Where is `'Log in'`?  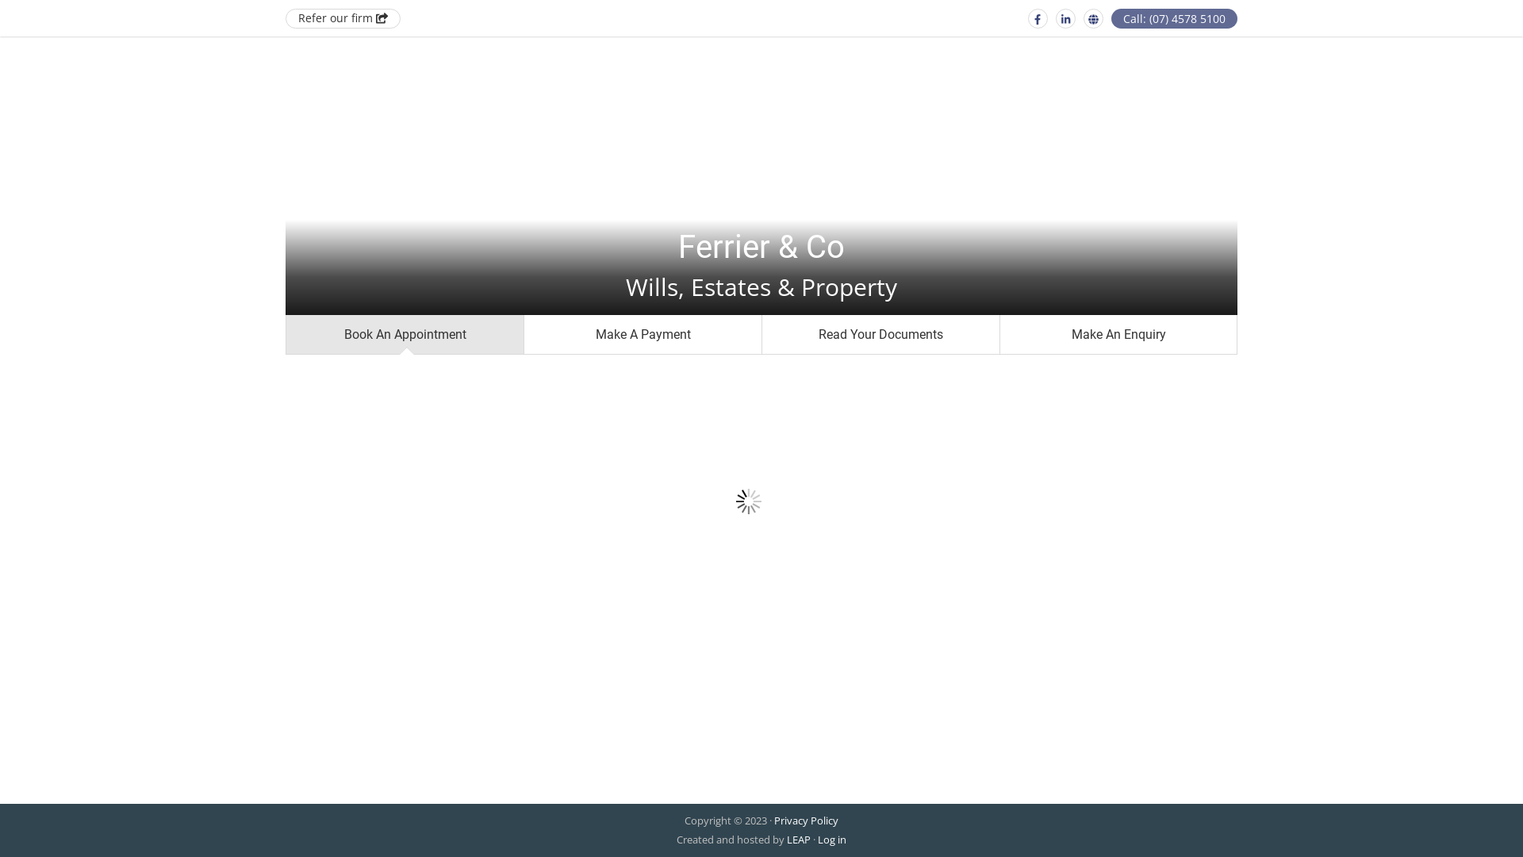 'Log in' is located at coordinates (818, 838).